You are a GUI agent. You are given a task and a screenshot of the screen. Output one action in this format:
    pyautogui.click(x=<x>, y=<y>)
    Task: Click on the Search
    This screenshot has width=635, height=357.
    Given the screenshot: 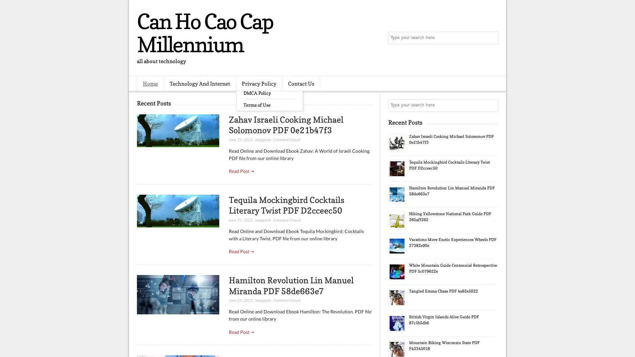 What is the action you would take?
    pyautogui.click(x=491, y=38)
    